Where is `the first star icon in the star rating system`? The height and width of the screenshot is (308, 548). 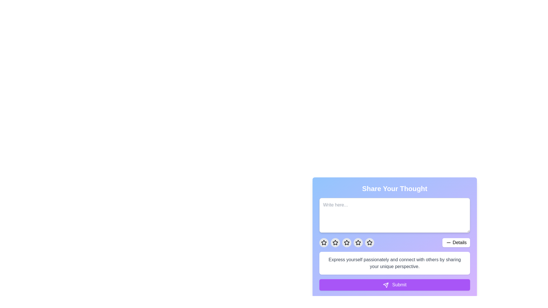 the first star icon in the star rating system is located at coordinates (324, 243).